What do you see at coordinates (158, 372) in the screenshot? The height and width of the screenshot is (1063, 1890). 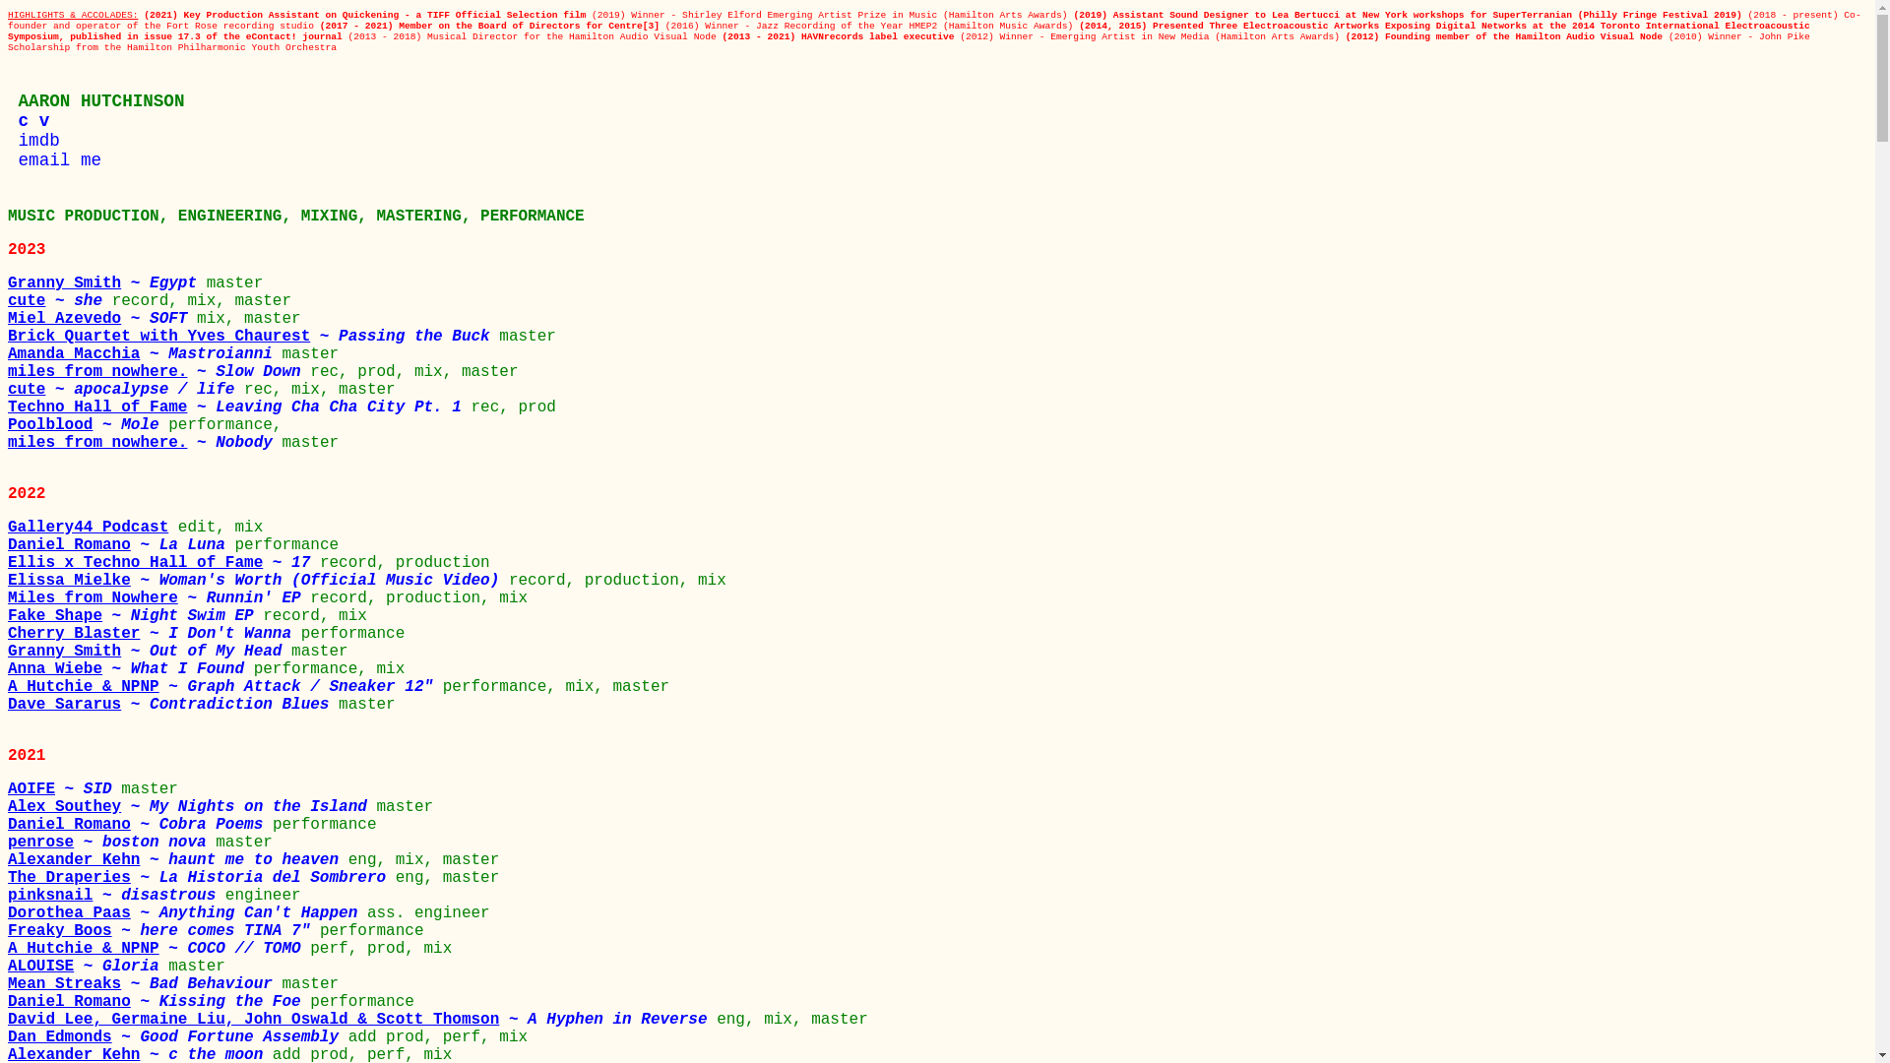 I see `'miles from nowhere. ~ Slow Down'` at bounding box center [158, 372].